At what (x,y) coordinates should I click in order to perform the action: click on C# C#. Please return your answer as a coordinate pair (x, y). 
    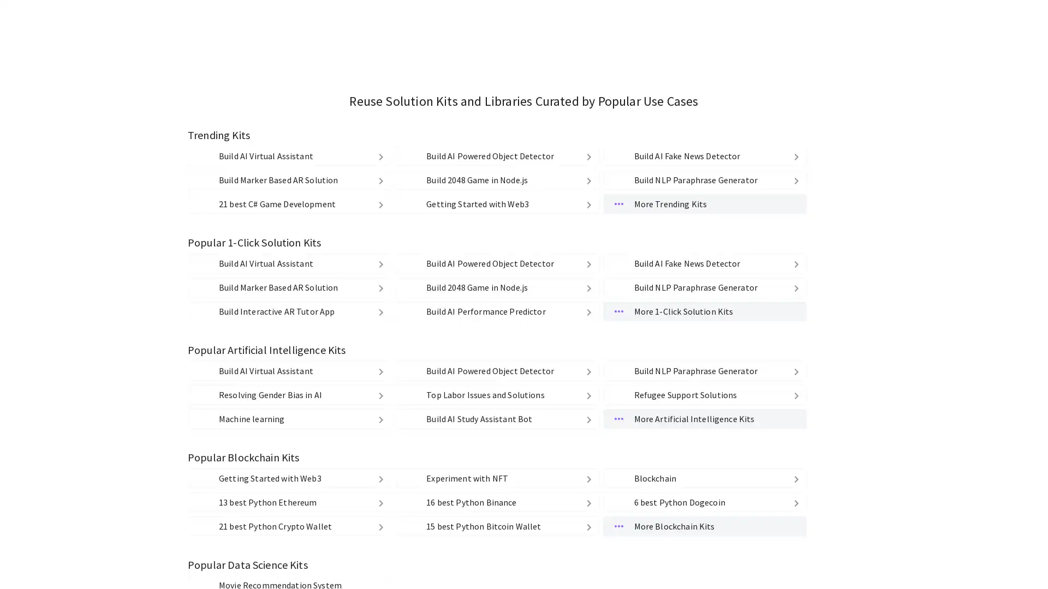
    Looking at the image, I should click on (480, 273).